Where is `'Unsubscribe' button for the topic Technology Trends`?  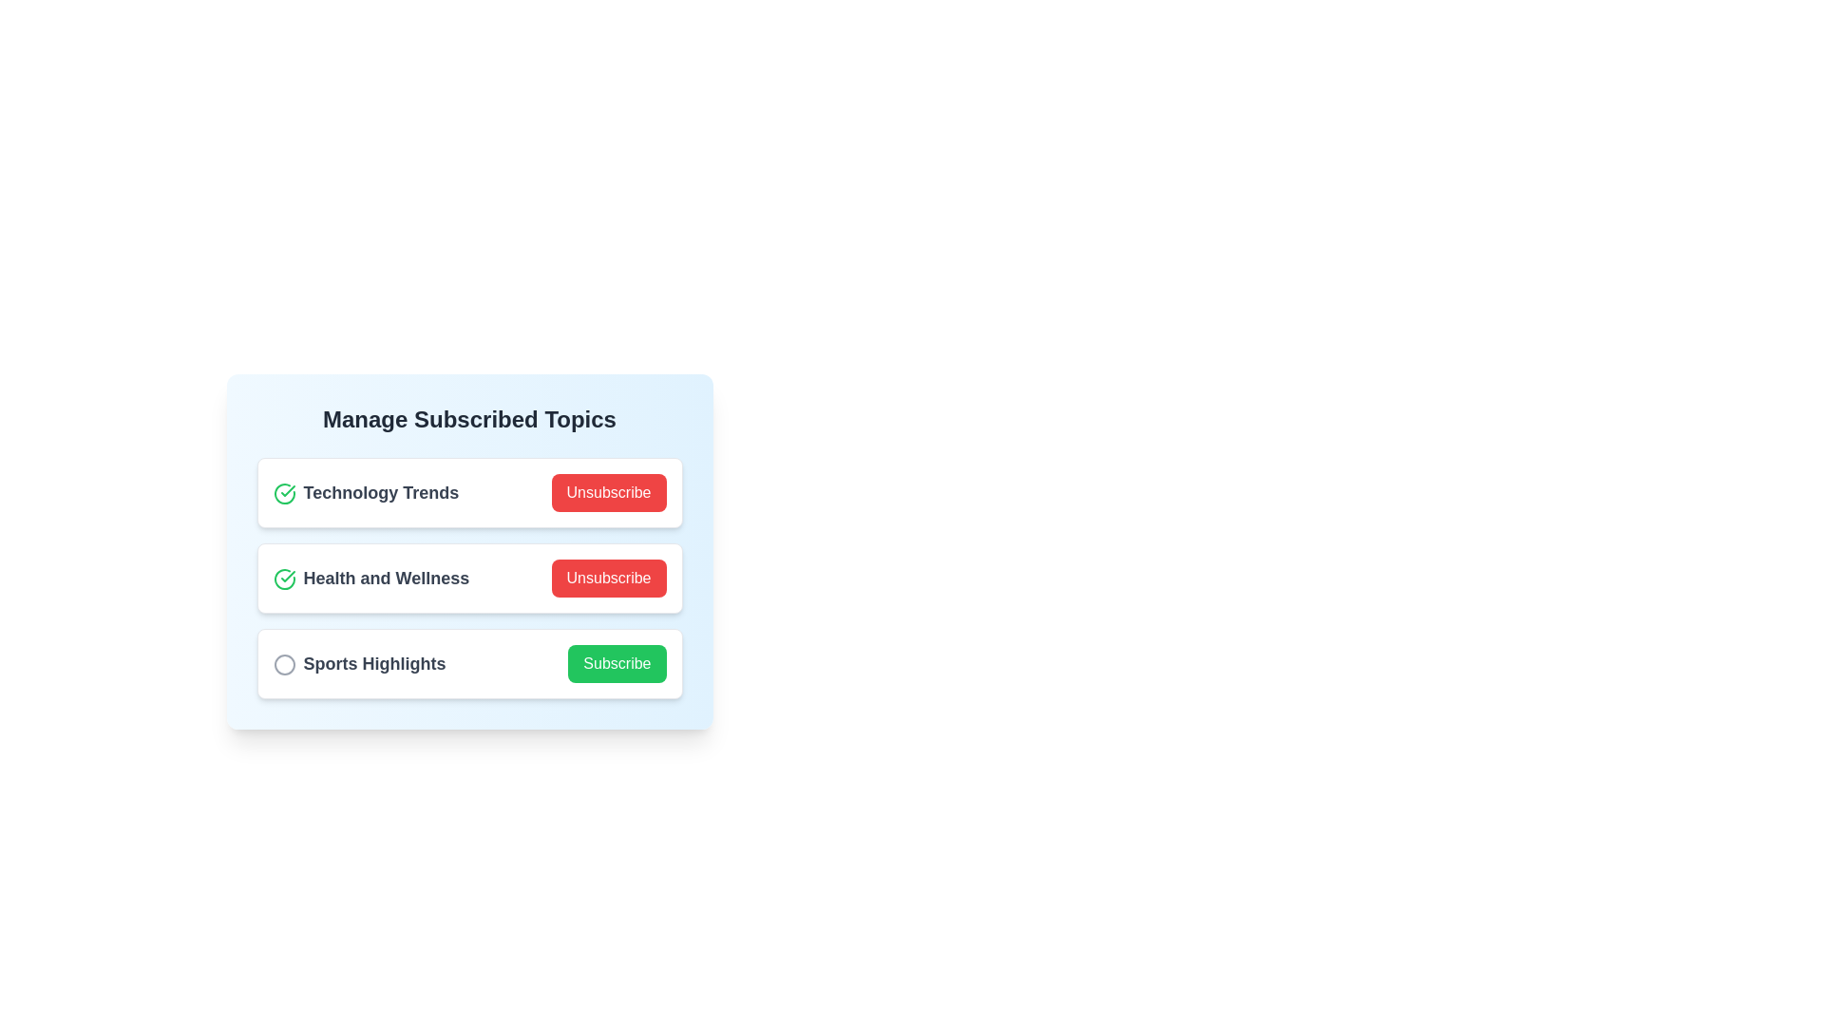 'Unsubscribe' button for the topic Technology Trends is located at coordinates (609, 492).